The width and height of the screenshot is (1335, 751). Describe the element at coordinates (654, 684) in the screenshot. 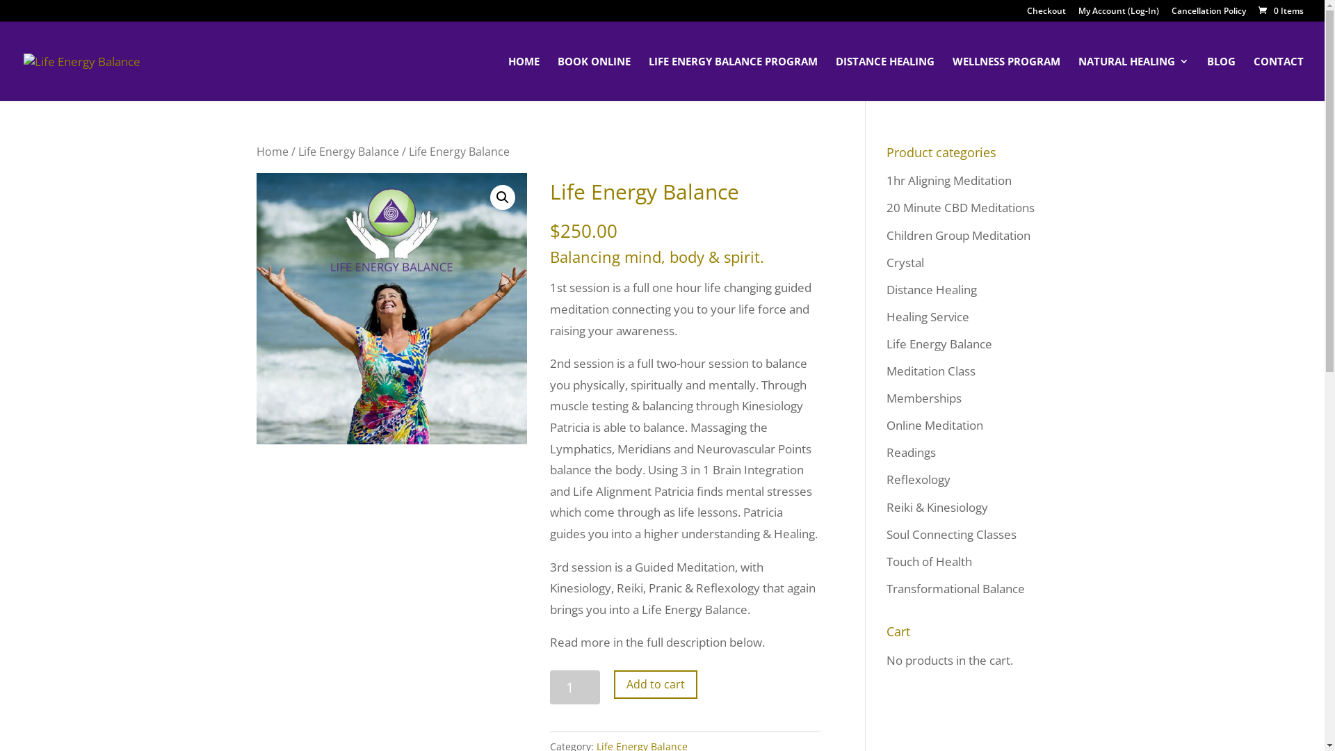

I see `'Add to cart'` at that location.